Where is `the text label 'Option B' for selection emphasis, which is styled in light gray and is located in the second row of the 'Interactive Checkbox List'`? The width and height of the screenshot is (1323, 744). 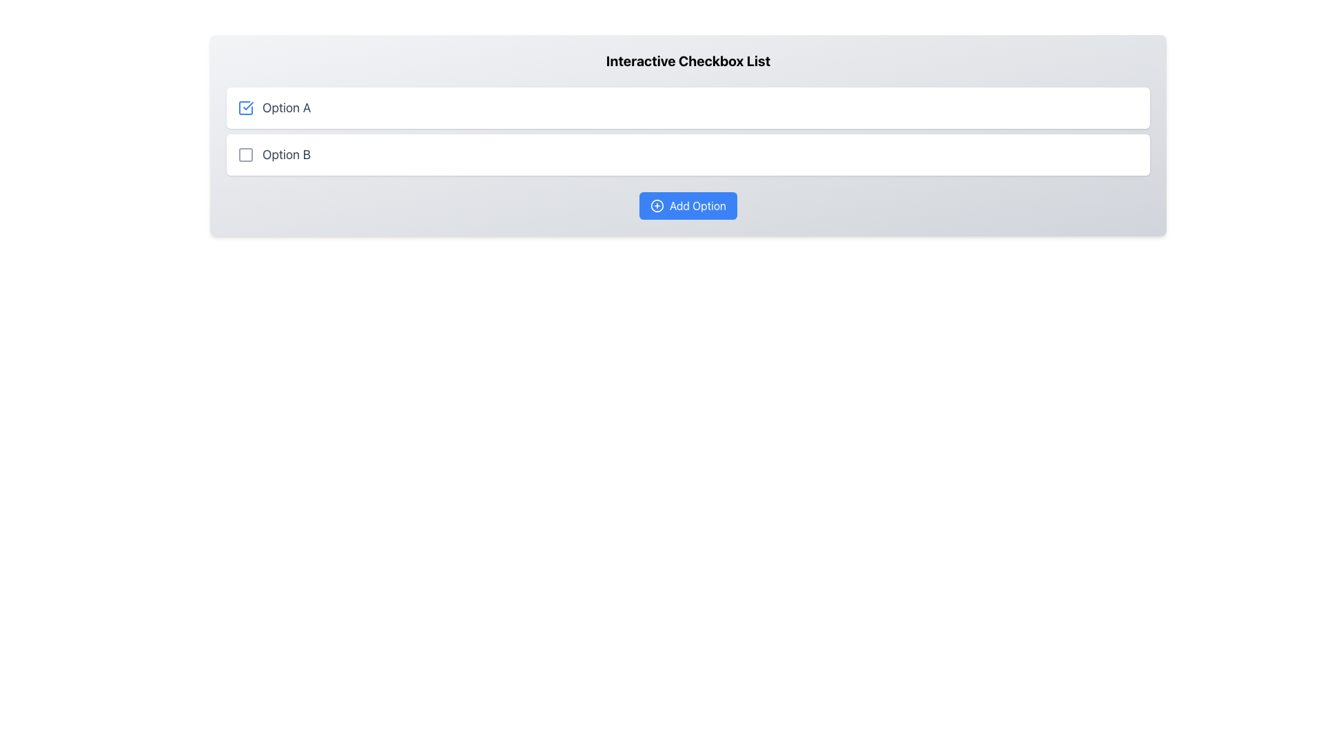
the text label 'Option B' for selection emphasis, which is styled in light gray and is located in the second row of the 'Interactive Checkbox List' is located at coordinates (286, 154).